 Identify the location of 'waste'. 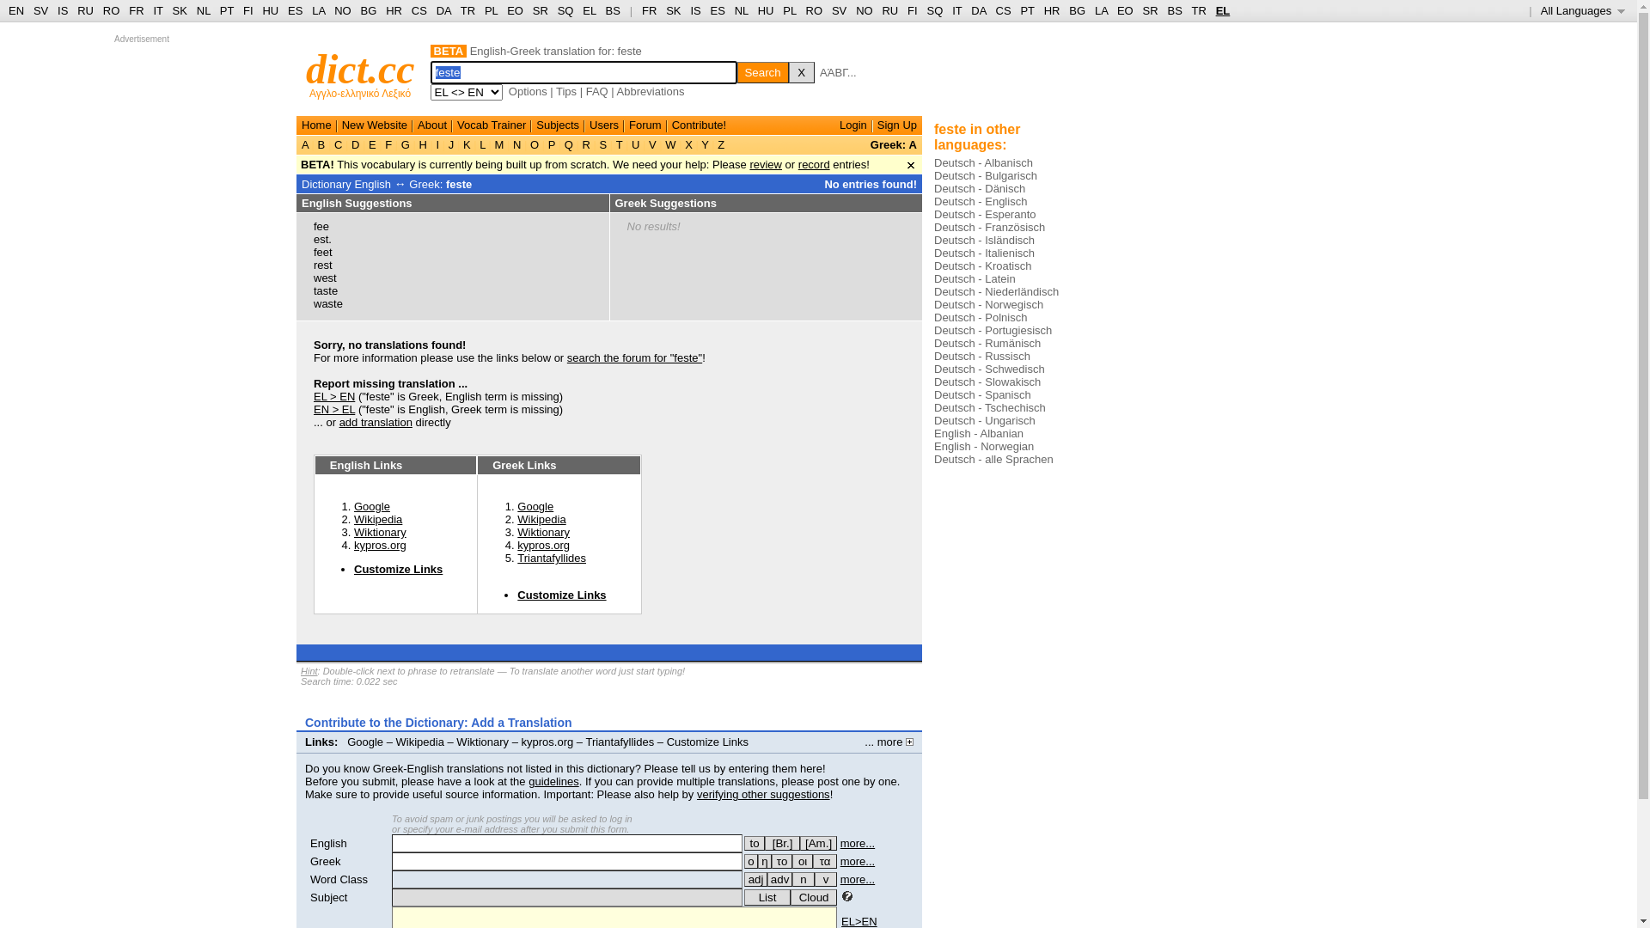
(328, 302).